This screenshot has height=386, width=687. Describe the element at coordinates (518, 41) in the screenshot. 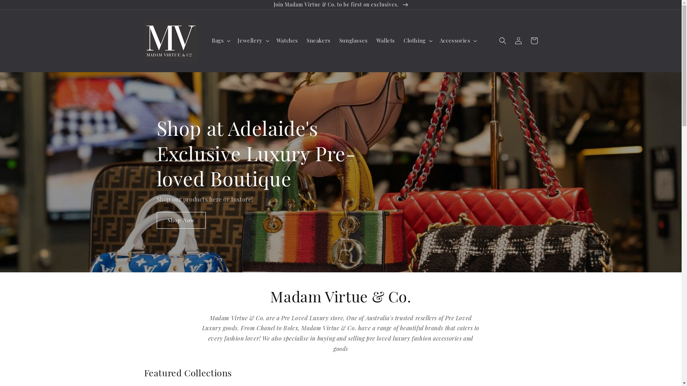

I see `'Log in'` at that location.